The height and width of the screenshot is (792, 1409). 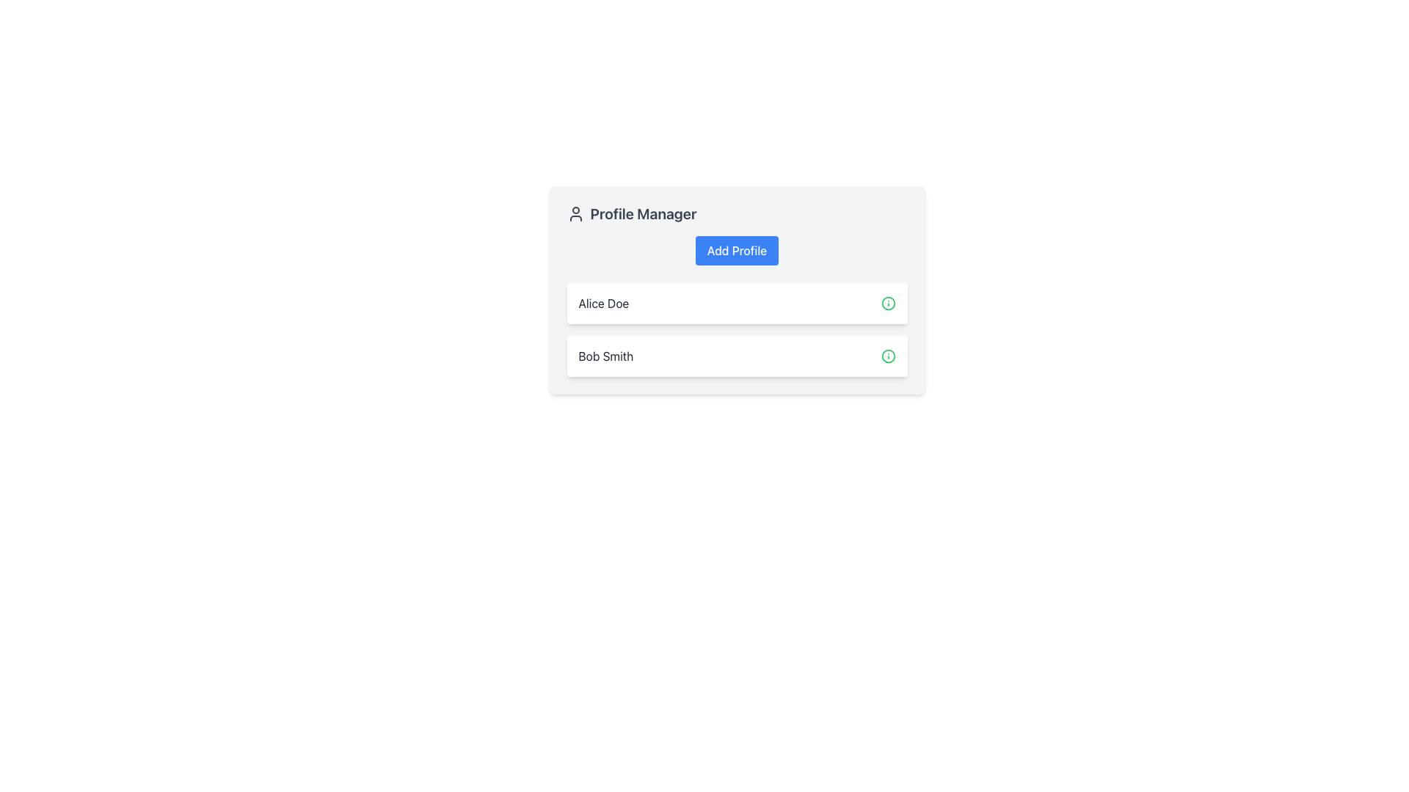 I want to click on the Text Label displaying 'Bob Smith', which serves as an identifier in the profile list, so click(x=605, y=356).